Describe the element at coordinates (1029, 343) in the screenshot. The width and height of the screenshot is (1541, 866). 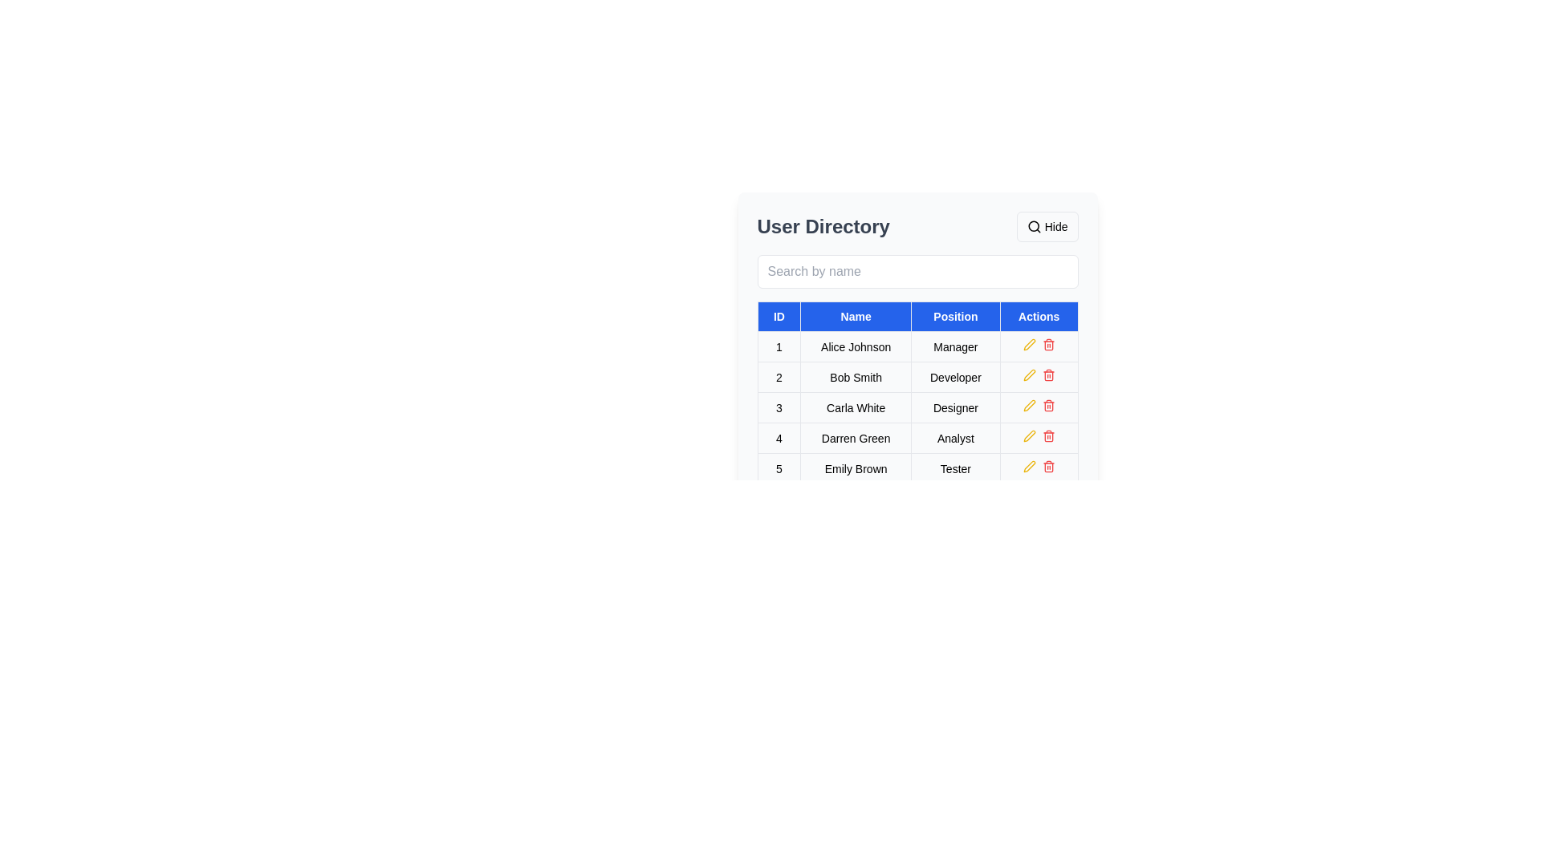
I see `the edit button icon located in the 'Actions' column of the table row for 'Bob Smith, Developer'` at that location.